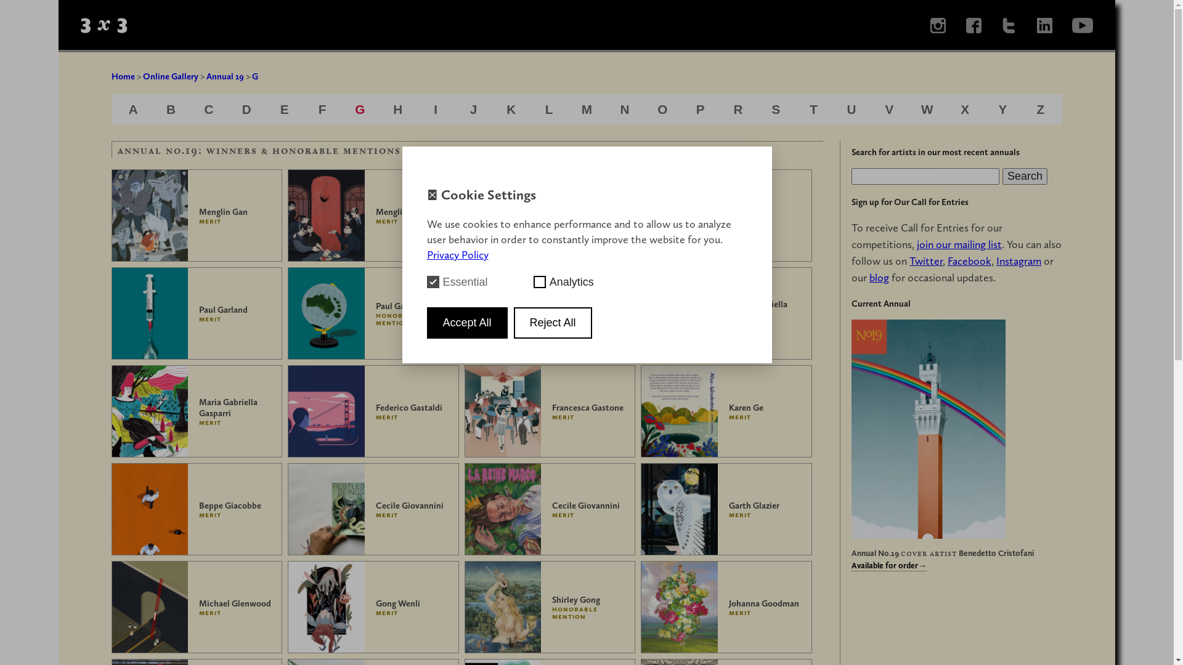 The image size is (1183, 665). I want to click on 'J', so click(473, 108).